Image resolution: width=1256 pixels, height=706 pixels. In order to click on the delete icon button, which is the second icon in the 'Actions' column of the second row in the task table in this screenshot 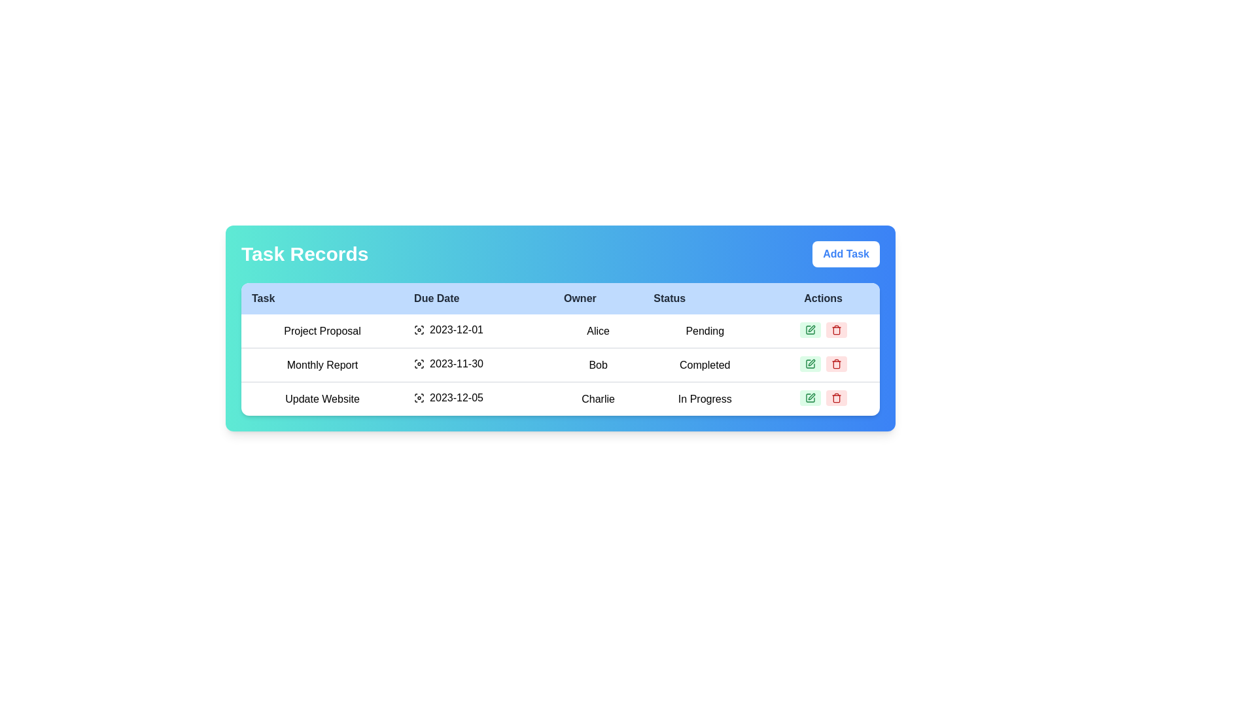, I will do `click(835, 363)`.